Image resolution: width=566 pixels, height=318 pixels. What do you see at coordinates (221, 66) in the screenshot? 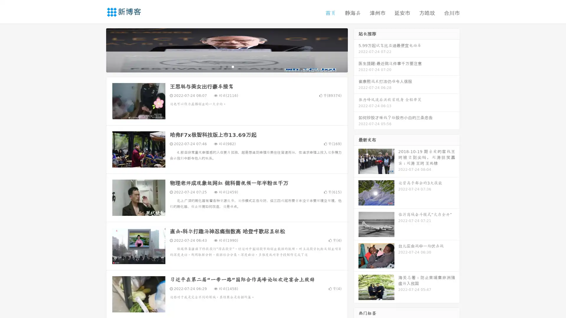
I see `Go to slide 1` at bounding box center [221, 66].